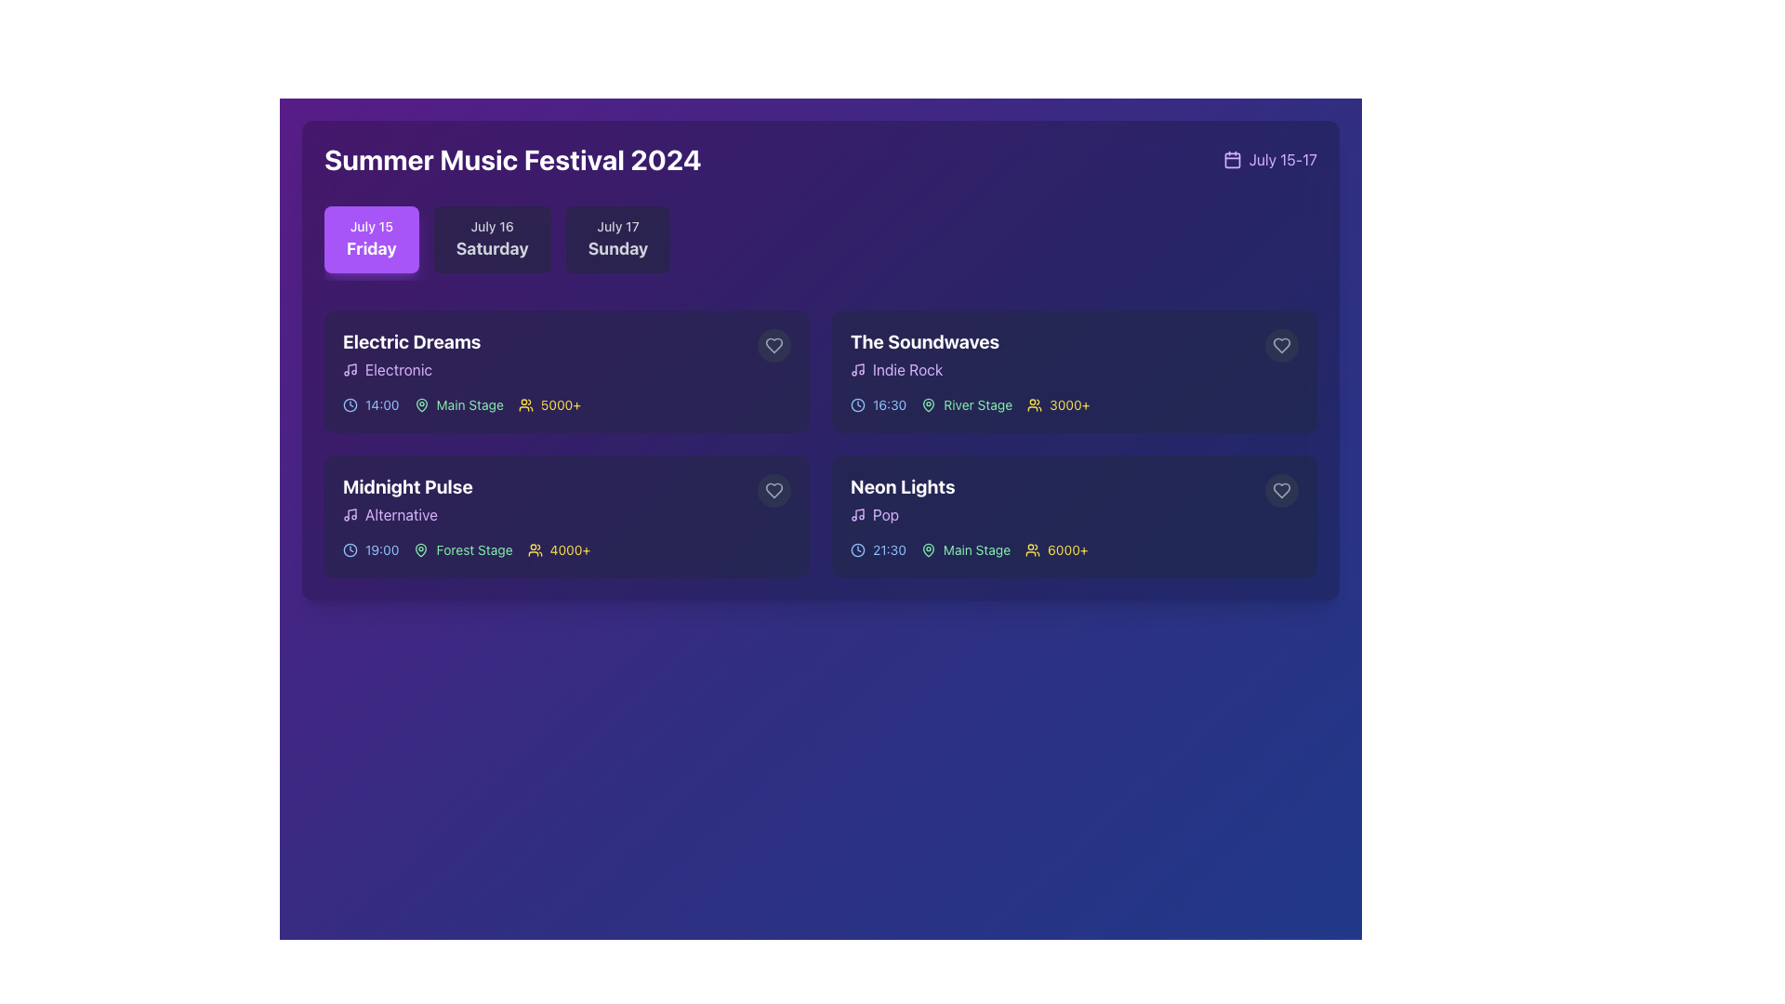  What do you see at coordinates (1056, 548) in the screenshot?
I see `the text displaying '6000+' with the accompanying icon representing a group of people, located in the bottom right corner of the 'Neon Lights' event card under the 'Main Stage' heading` at bounding box center [1056, 548].